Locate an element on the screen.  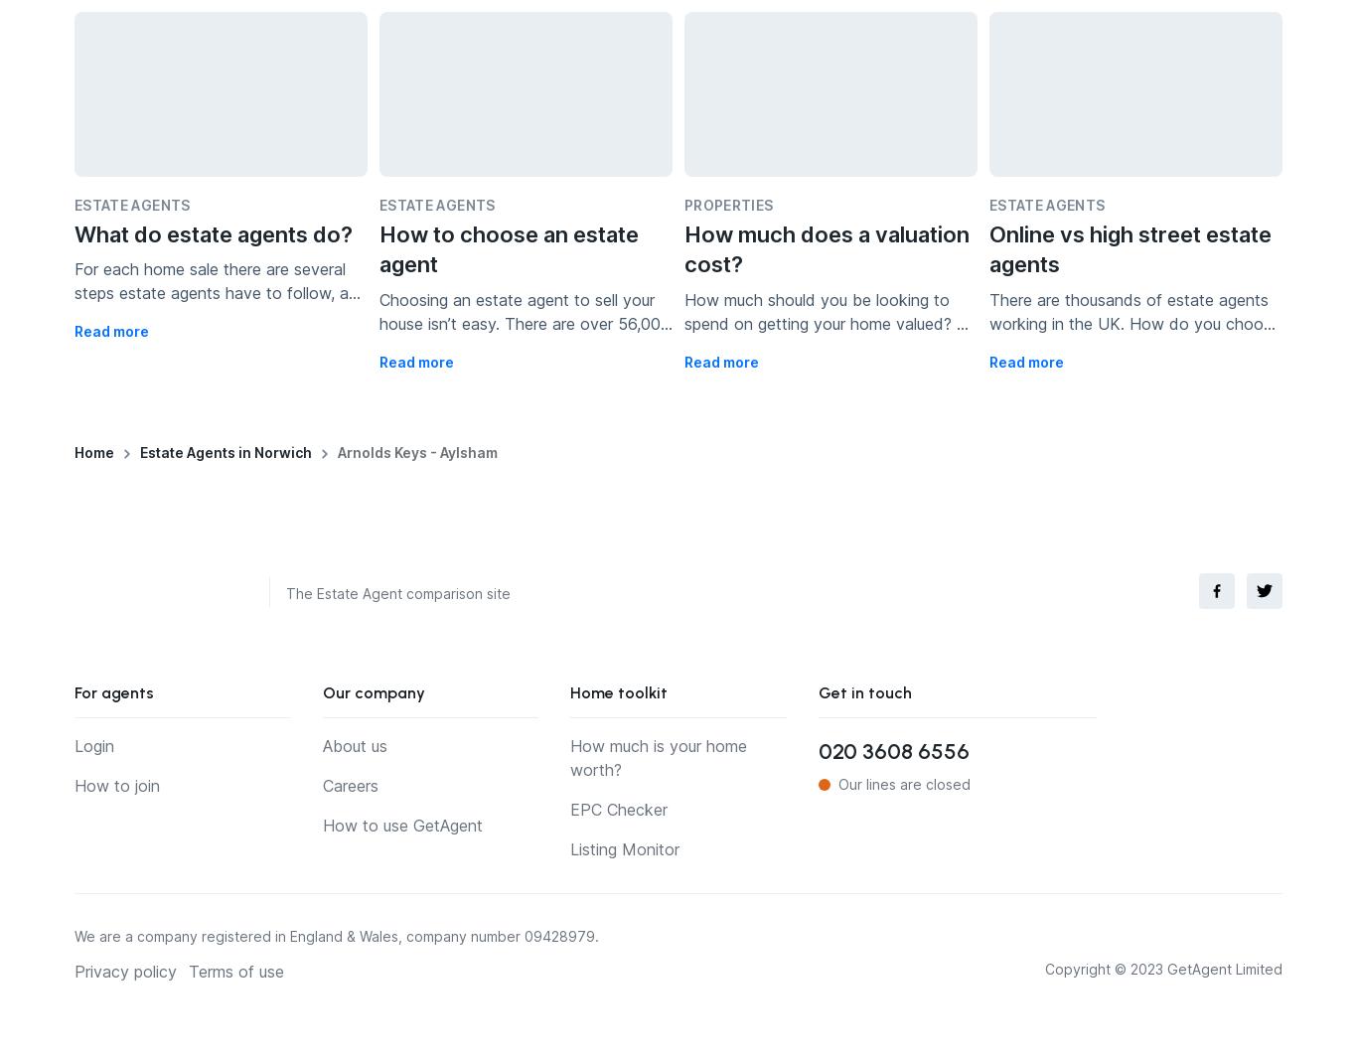
'020 3608 6556' is located at coordinates (891, 751).